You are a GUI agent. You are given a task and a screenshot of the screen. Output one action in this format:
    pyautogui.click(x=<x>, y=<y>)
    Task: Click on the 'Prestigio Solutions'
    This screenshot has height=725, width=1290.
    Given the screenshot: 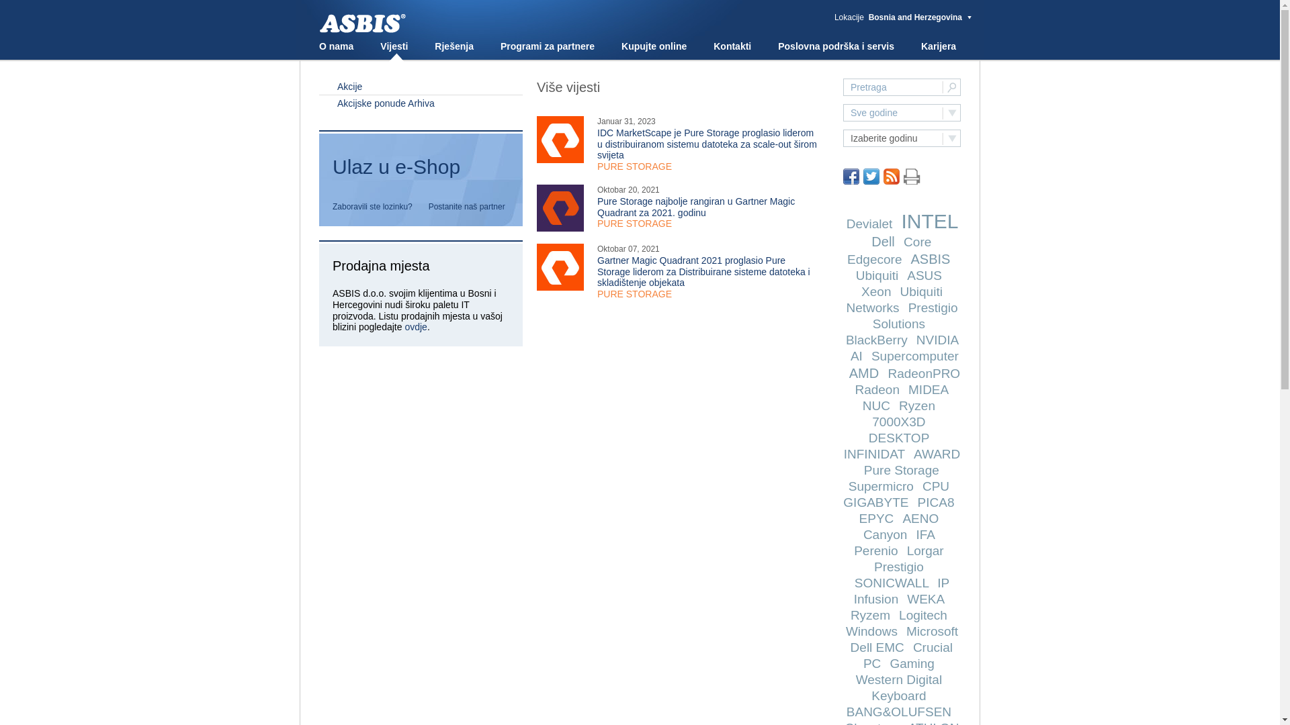 What is the action you would take?
    pyautogui.click(x=914, y=316)
    